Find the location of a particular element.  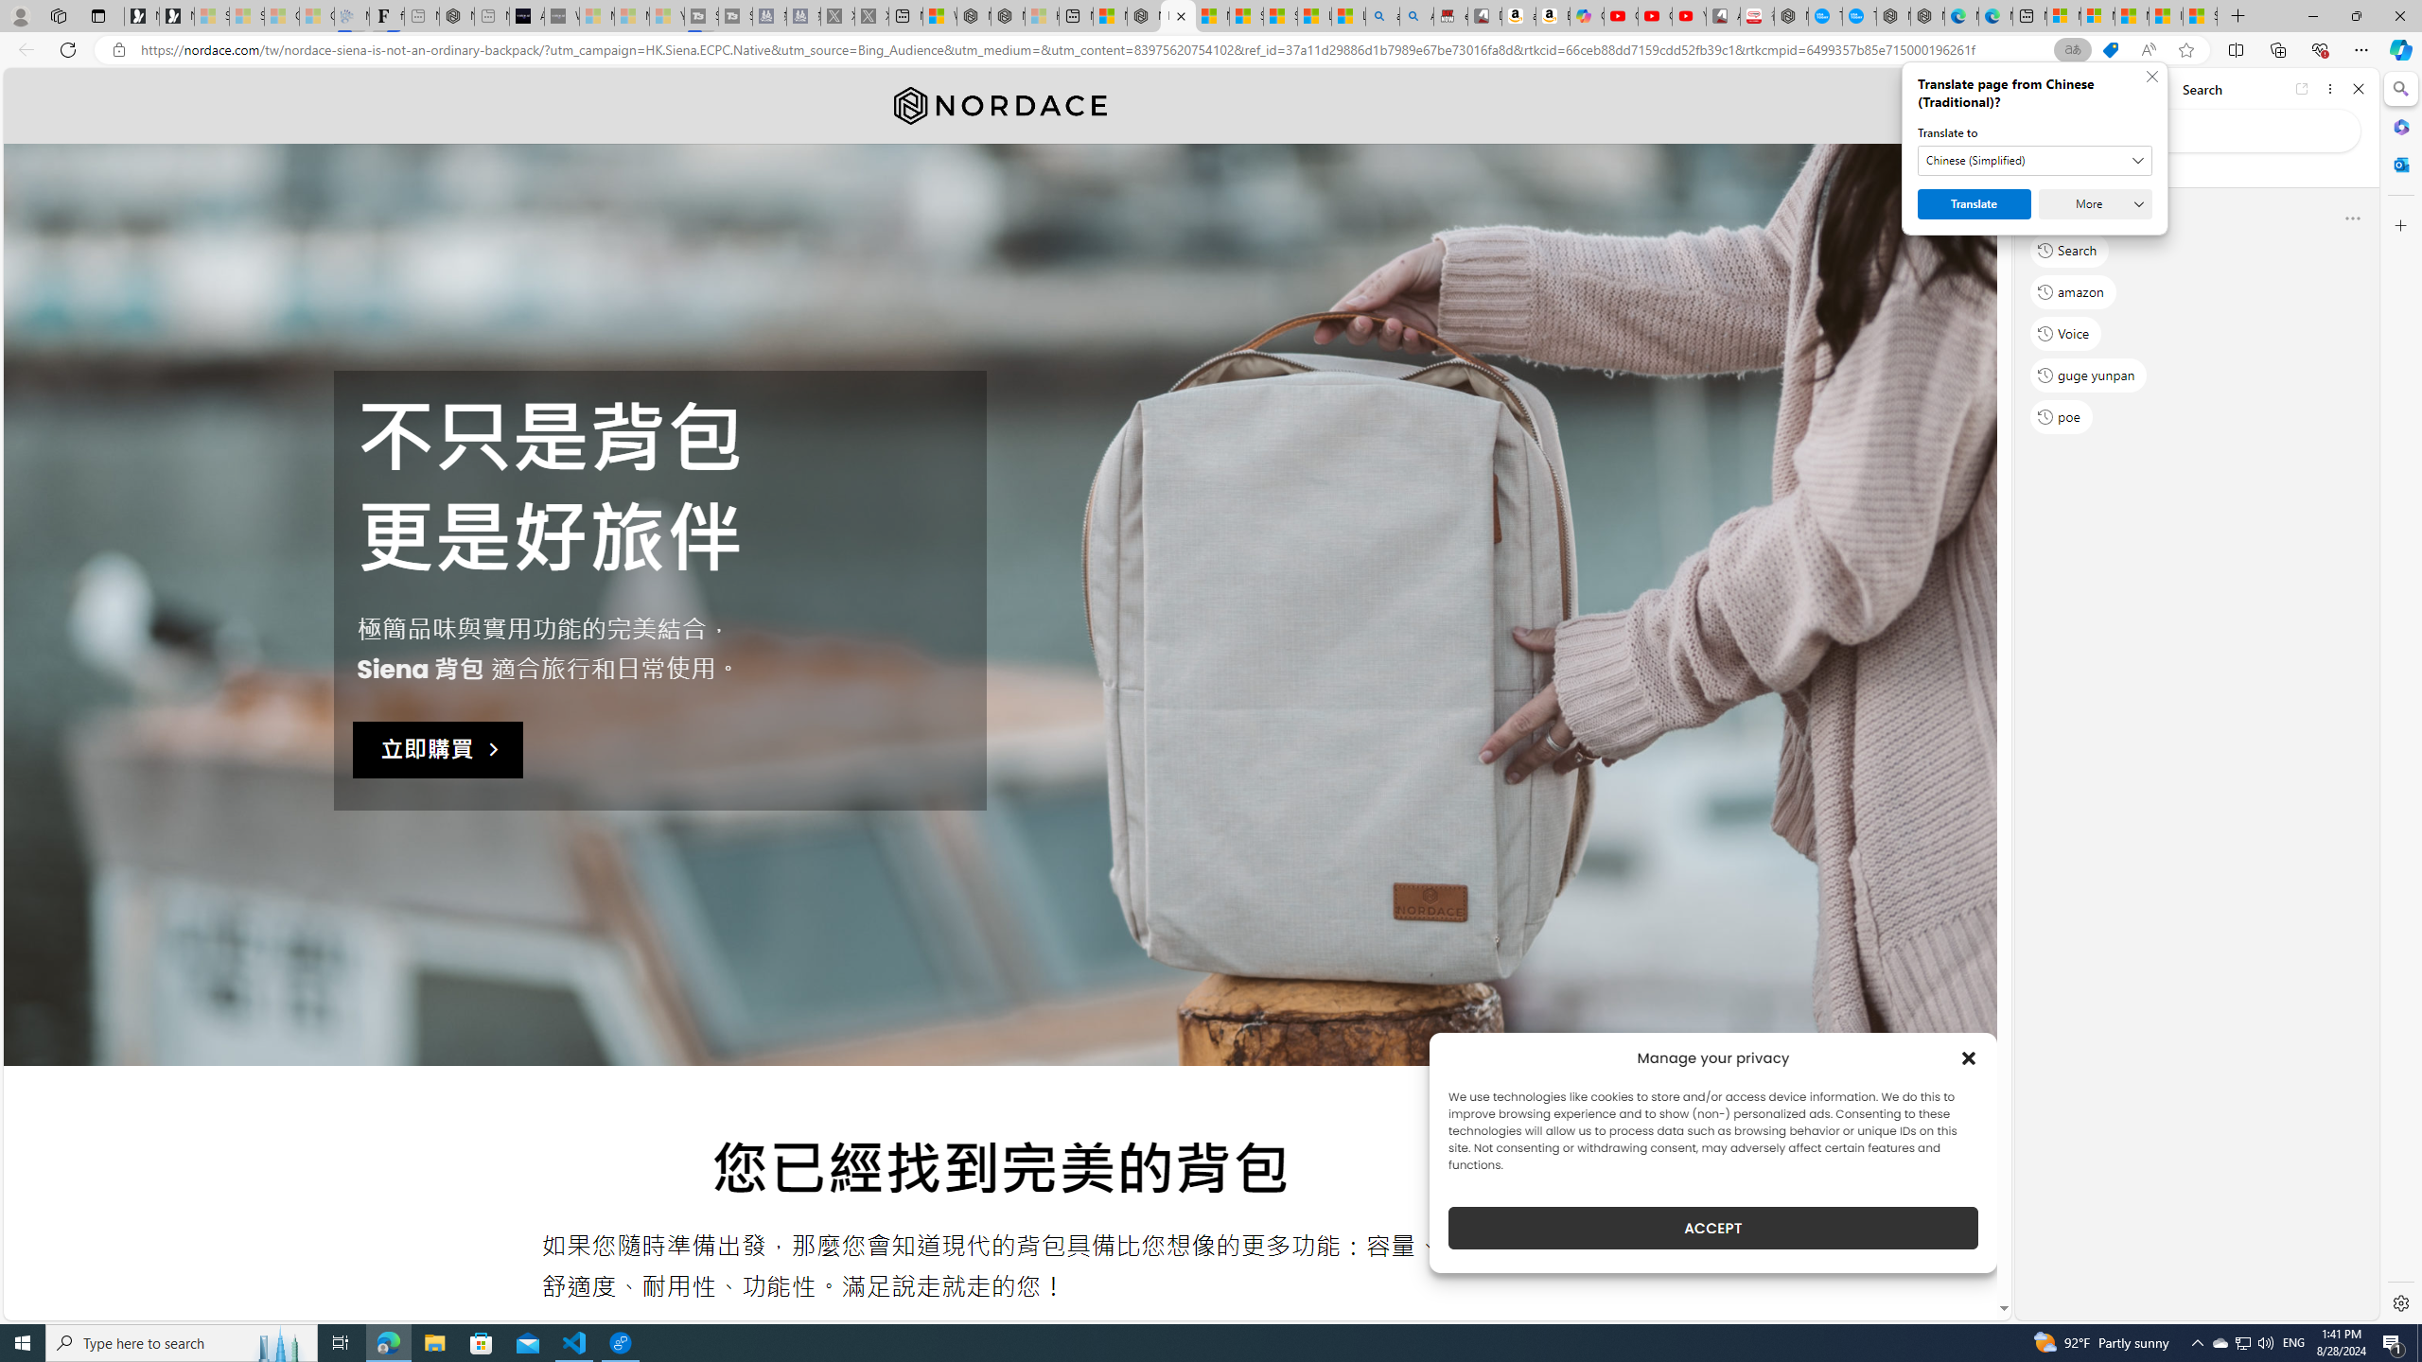

'Newsletter Sign Up' is located at coordinates (176, 15).